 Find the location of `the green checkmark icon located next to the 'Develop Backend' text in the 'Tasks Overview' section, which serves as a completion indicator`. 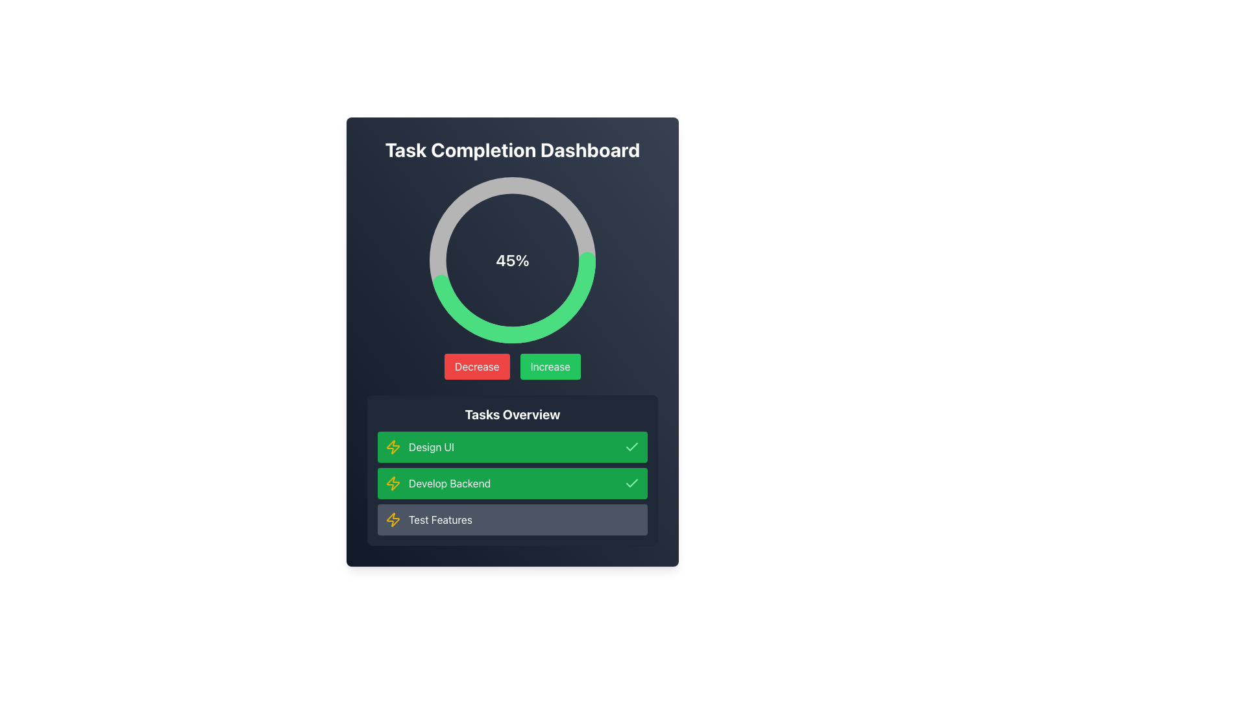

the green checkmark icon located next to the 'Develop Backend' text in the 'Tasks Overview' section, which serves as a completion indicator is located at coordinates (632, 483).